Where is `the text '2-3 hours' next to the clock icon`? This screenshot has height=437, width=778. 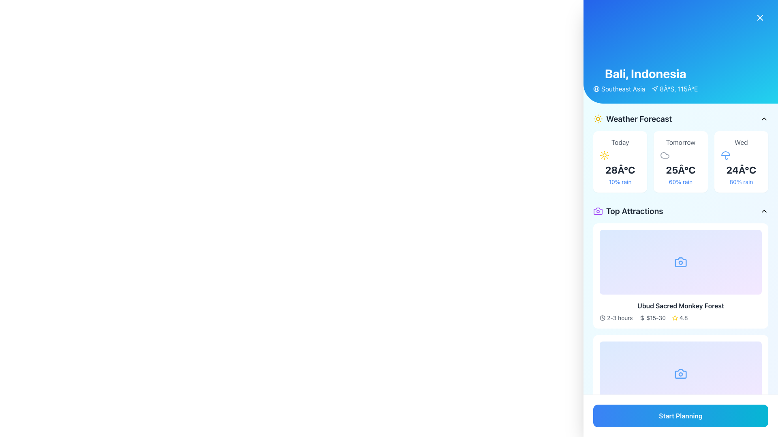
the text '2-3 hours' next to the clock icon is located at coordinates (616, 318).